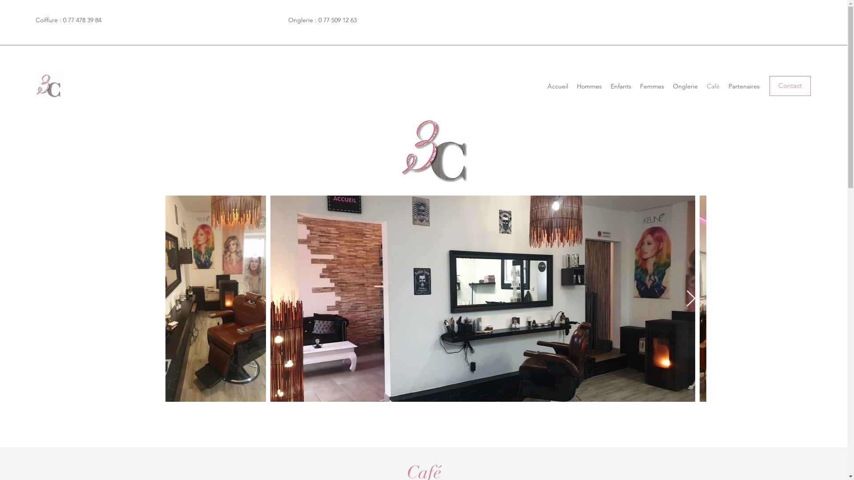  Describe the element at coordinates (572, 86) in the screenshot. I see `'Hommes'` at that location.